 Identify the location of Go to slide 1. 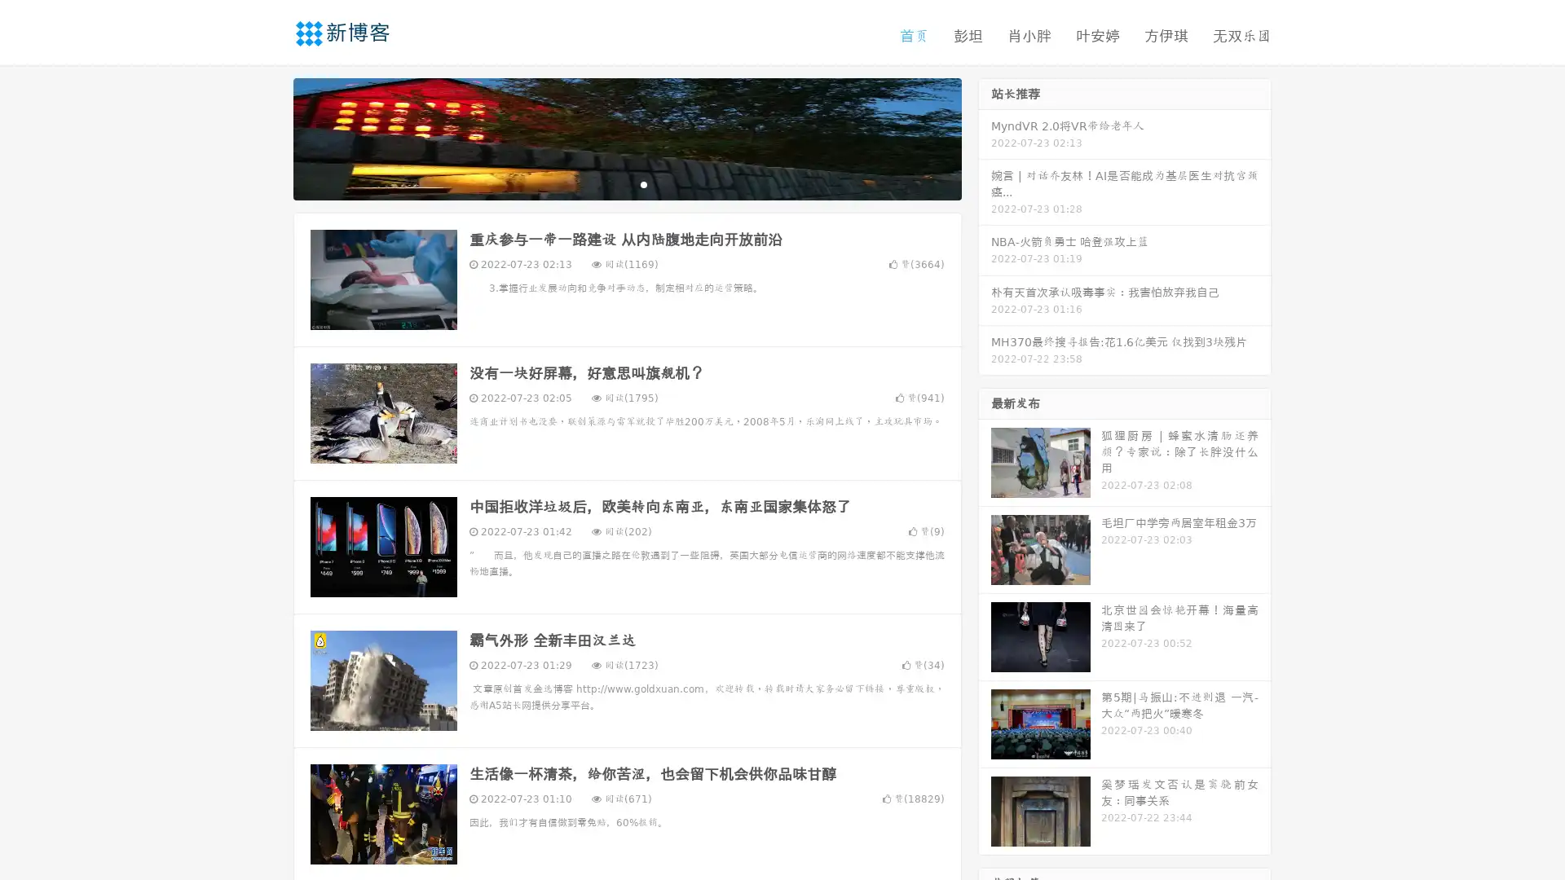
(610, 183).